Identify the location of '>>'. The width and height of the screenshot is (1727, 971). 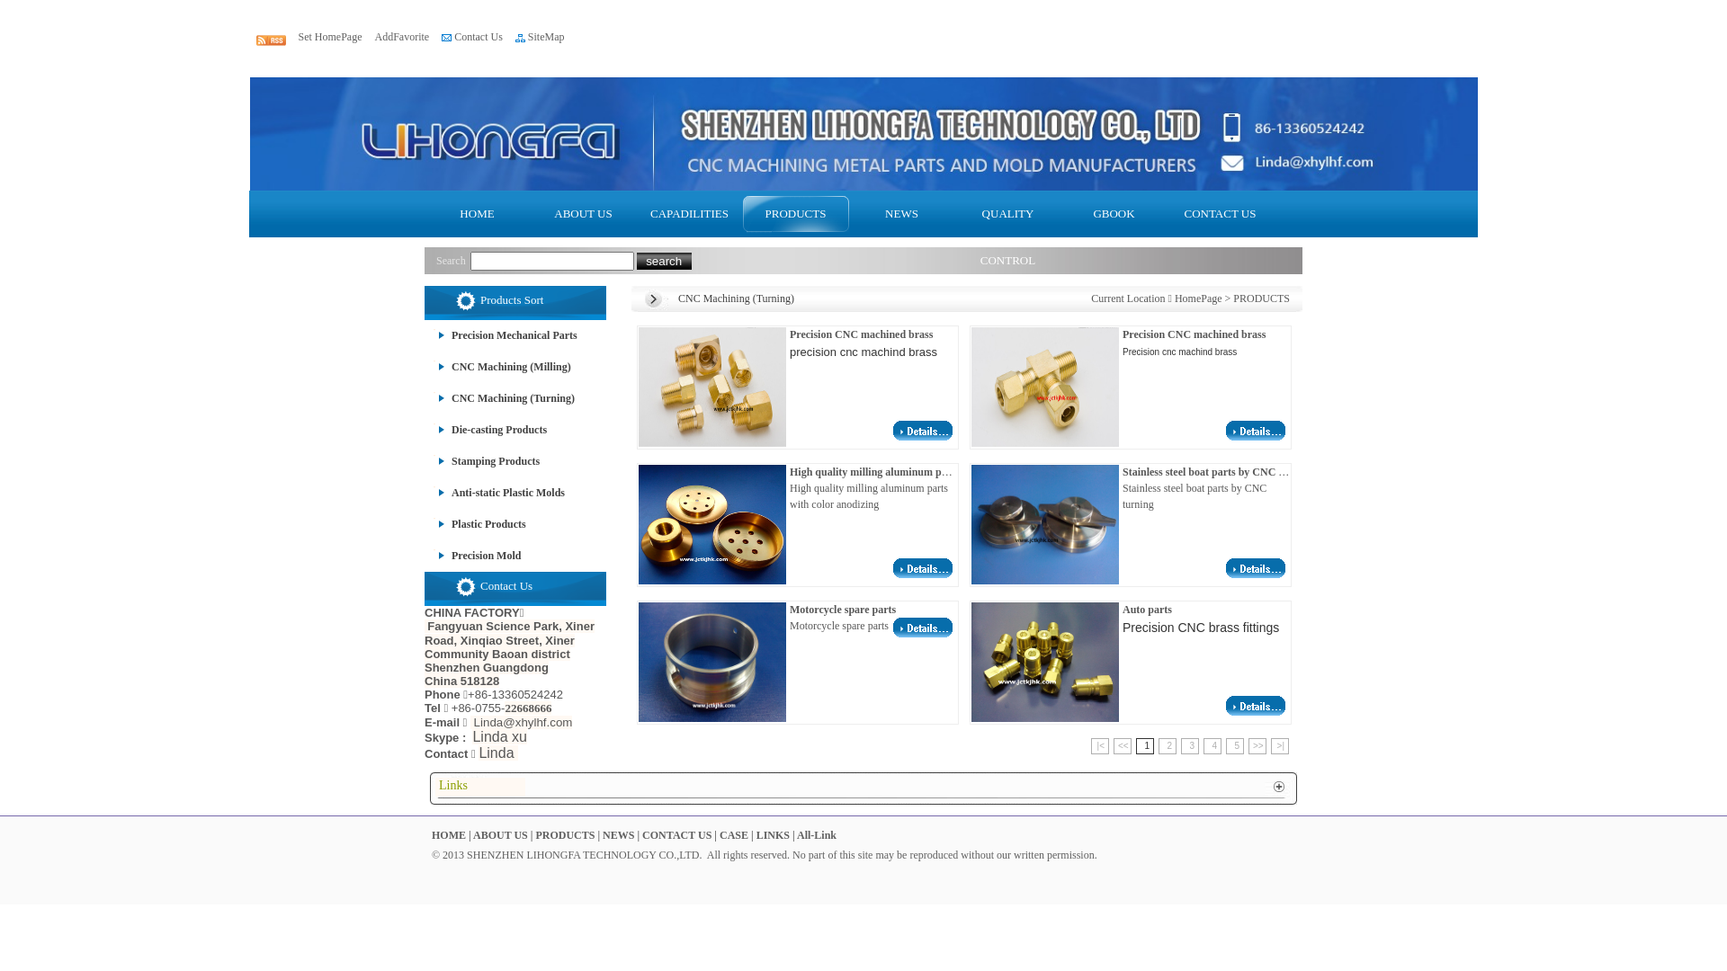
(1256, 745).